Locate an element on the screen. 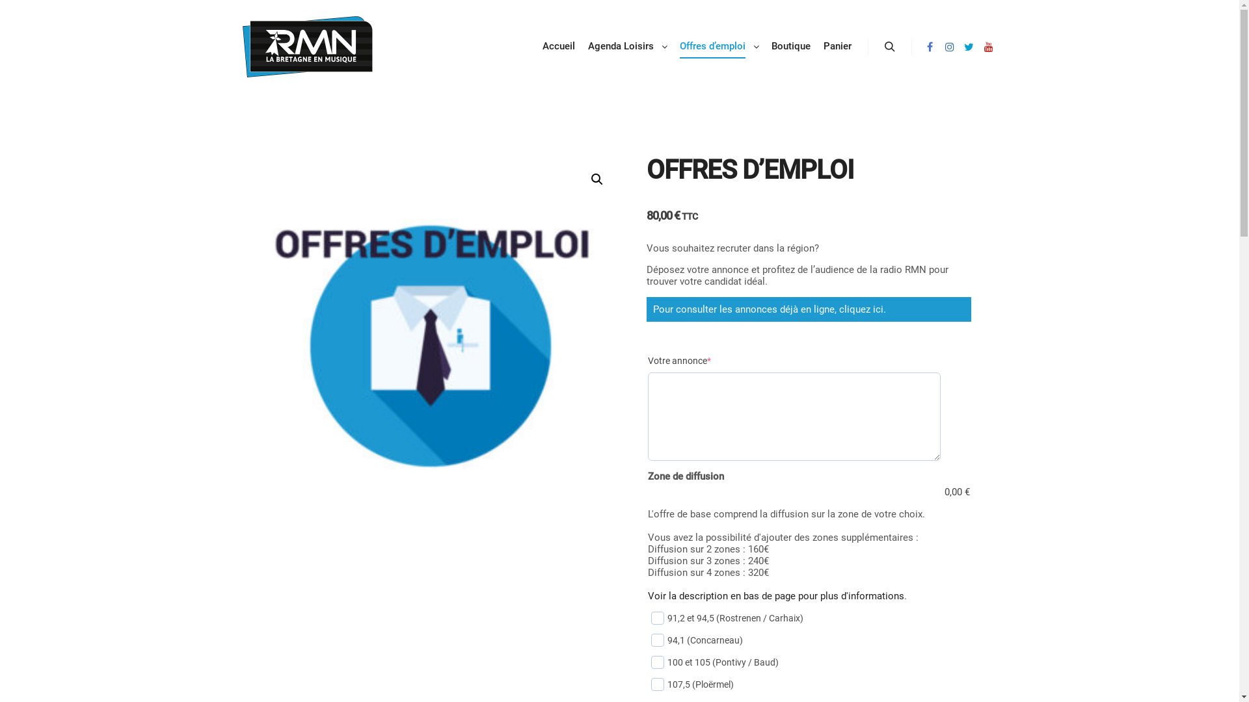  'YouTube' is located at coordinates (987, 46).